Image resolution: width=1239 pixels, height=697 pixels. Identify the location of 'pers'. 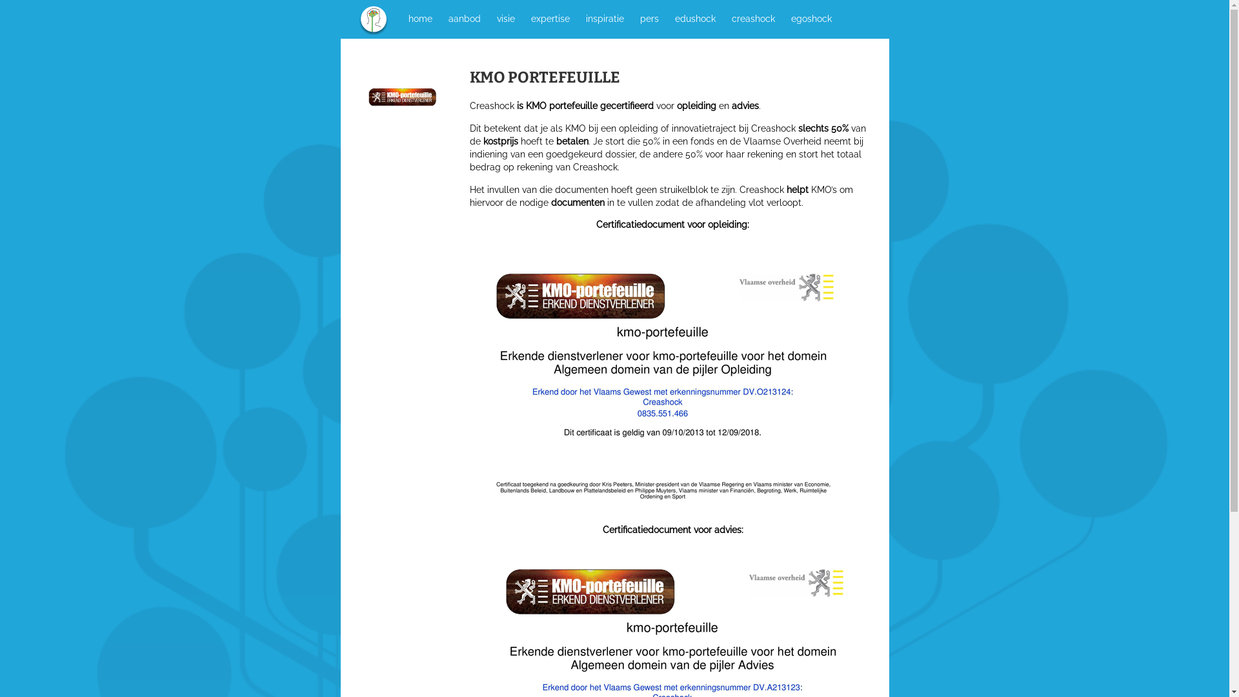
(649, 18).